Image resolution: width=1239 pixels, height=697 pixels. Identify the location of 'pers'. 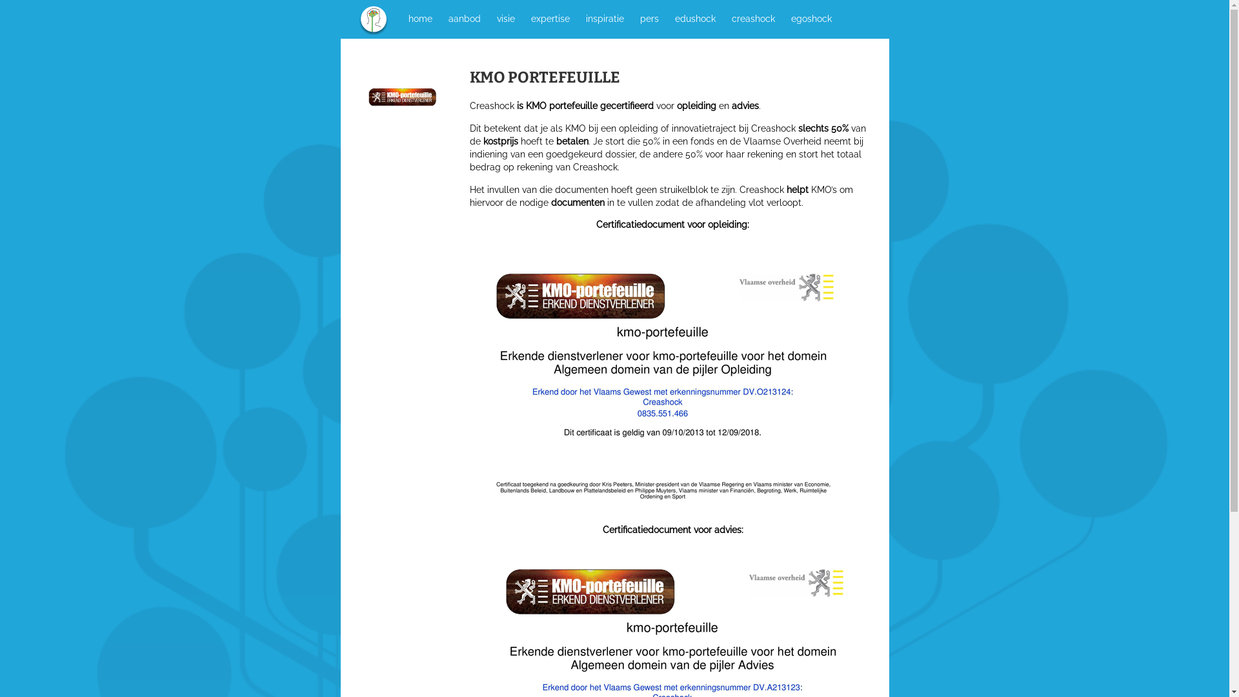
(649, 18).